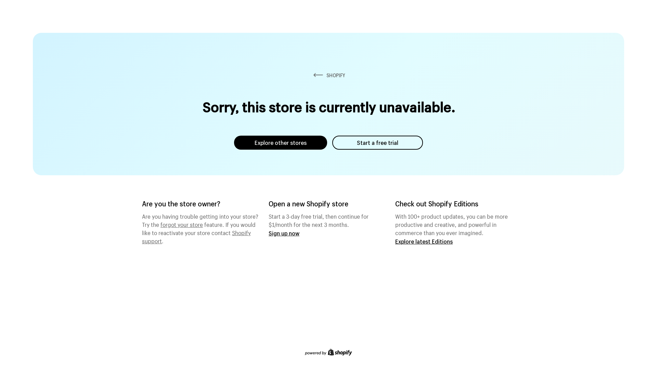  Describe the element at coordinates (328, 75) in the screenshot. I see `'SHOPIFY'` at that location.